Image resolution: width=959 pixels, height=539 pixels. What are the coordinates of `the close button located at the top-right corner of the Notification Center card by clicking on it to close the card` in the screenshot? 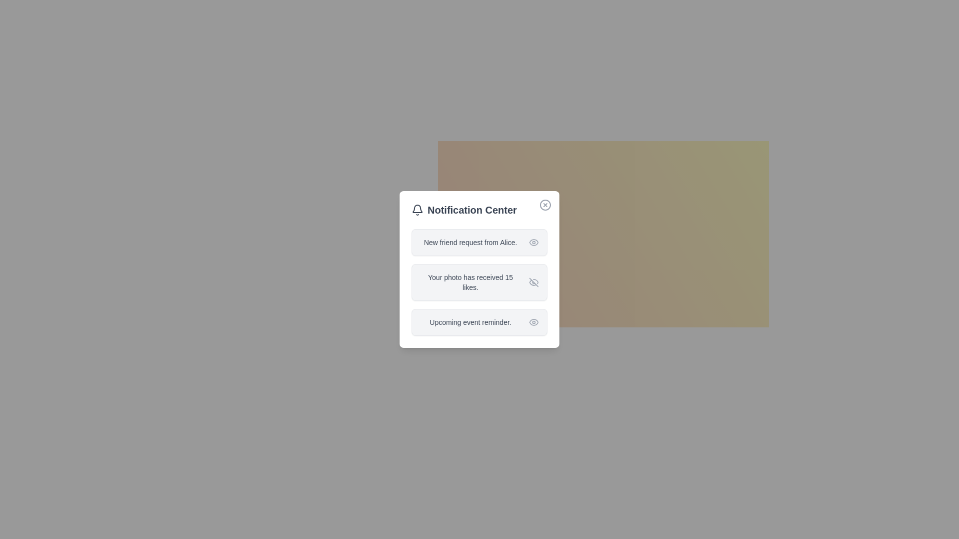 It's located at (544, 205).